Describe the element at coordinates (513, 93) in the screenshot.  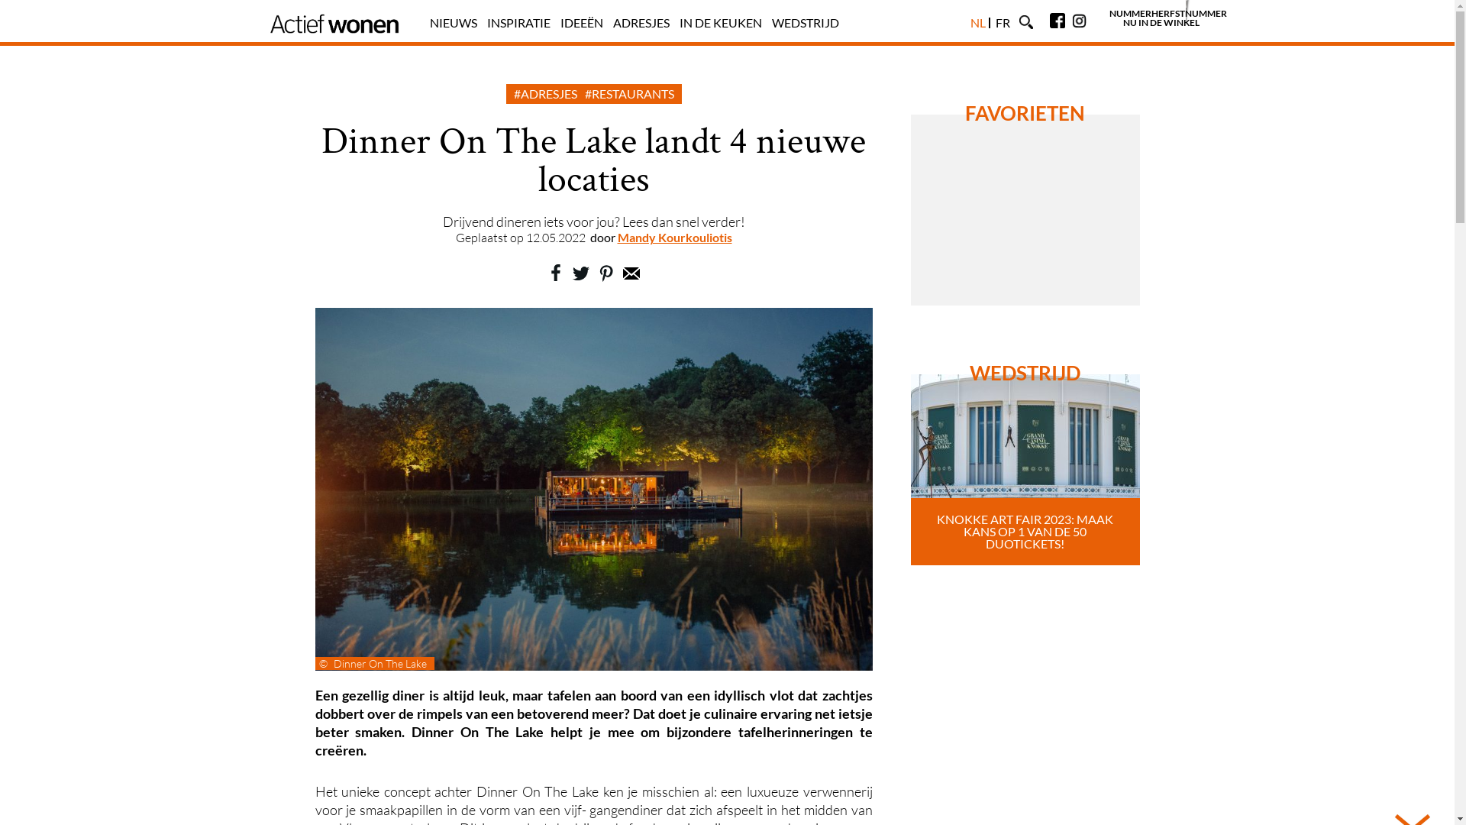
I see `'#ADRESJES'` at that location.